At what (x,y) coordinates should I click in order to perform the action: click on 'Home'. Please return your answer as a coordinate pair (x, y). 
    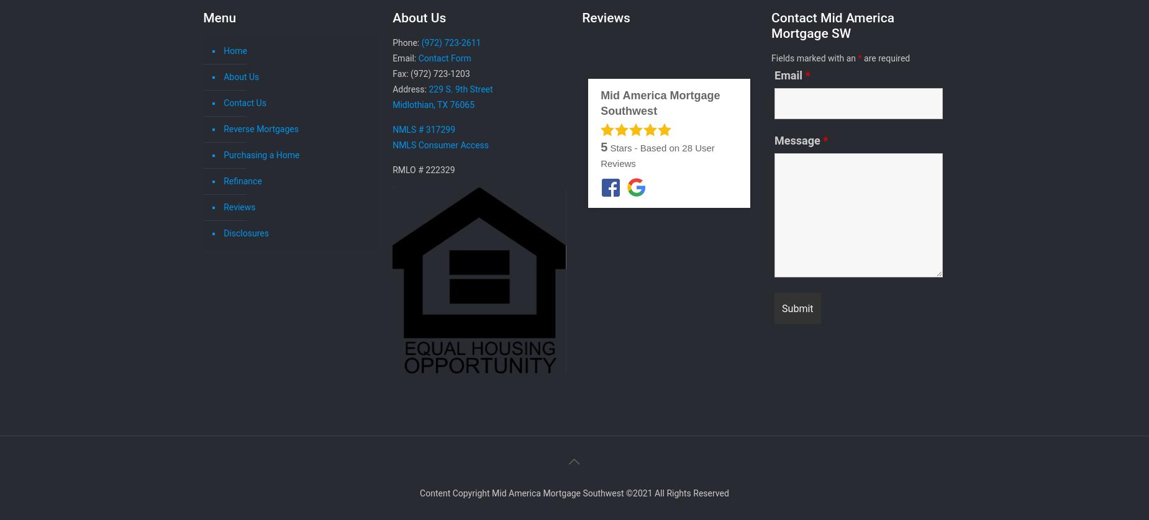
    Looking at the image, I should click on (223, 51).